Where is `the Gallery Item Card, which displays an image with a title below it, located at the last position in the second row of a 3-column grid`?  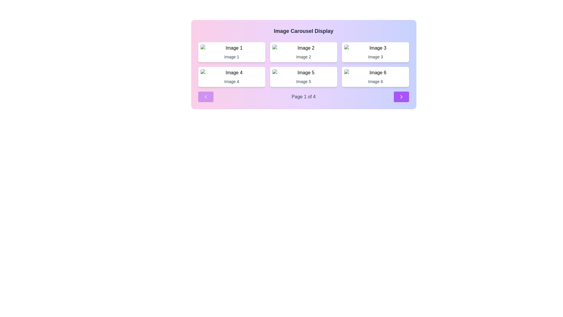 the Gallery Item Card, which displays an image with a title below it, located at the last position in the second row of a 3-column grid is located at coordinates (375, 77).